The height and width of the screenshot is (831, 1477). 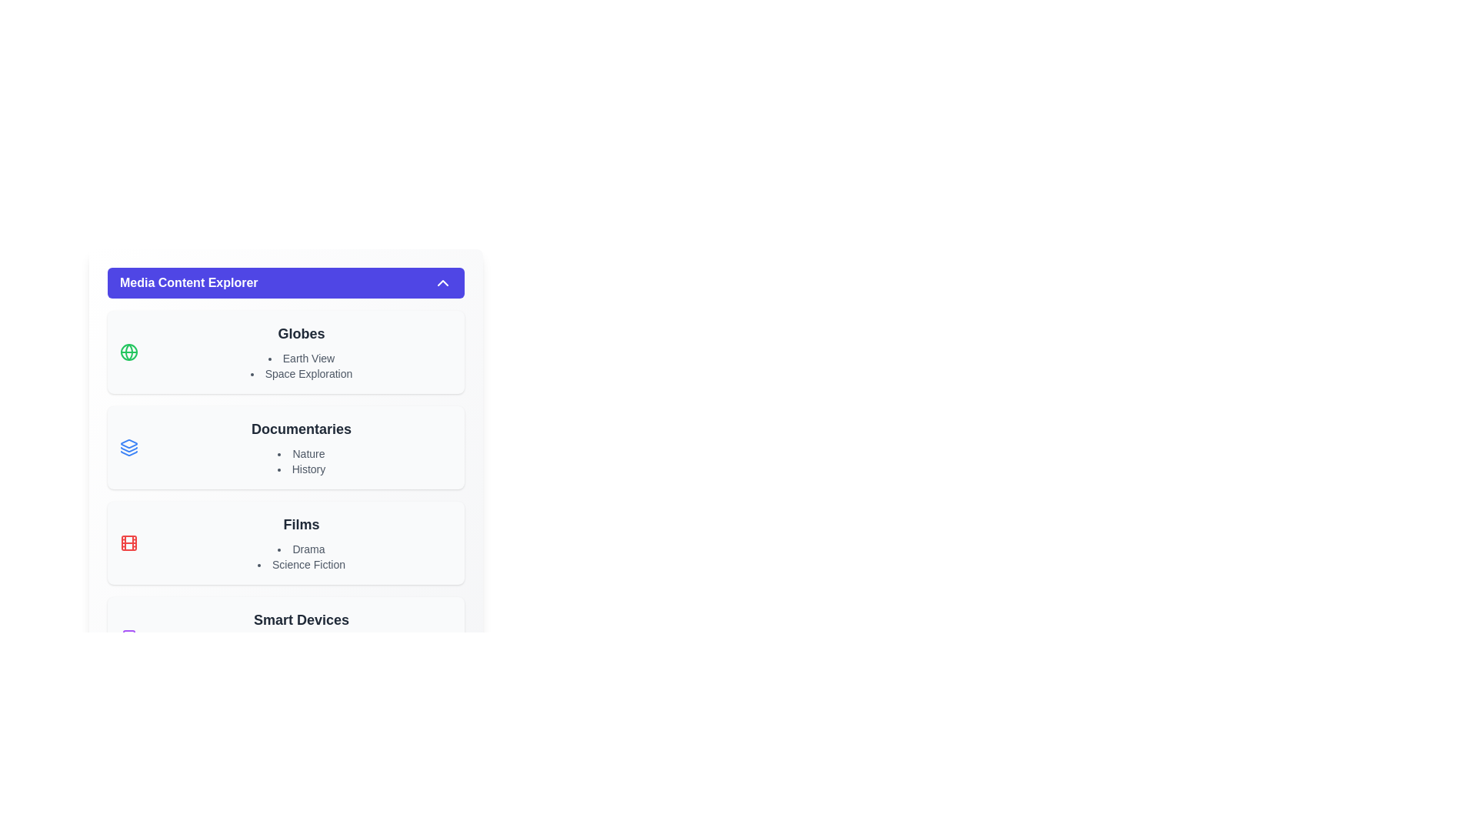 I want to click on the circular icon component of the globe located in the leftmost part of the 'Globes' section of the categorized menu interface, so click(x=129, y=352).